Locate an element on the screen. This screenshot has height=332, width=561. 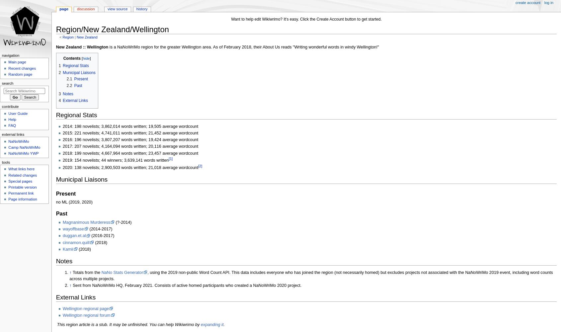
'New Zealand :: Wellington' is located at coordinates (82, 47).